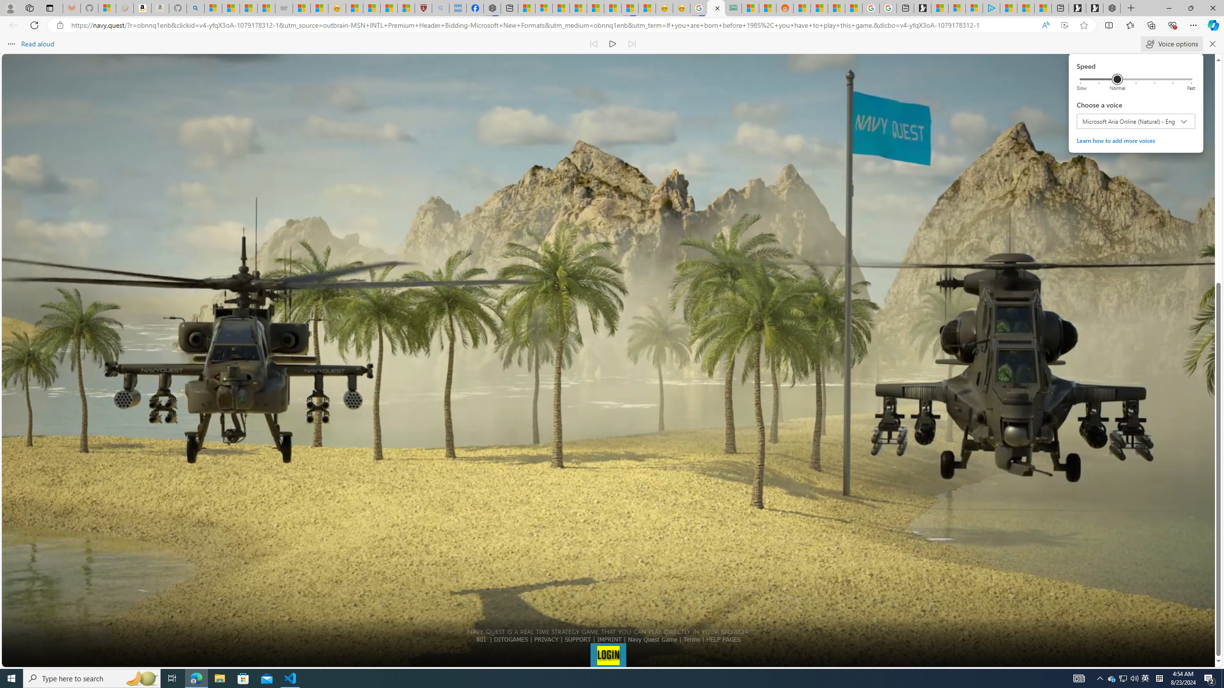 Image resolution: width=1224 pixels, height=688 pixels. Describe the element at coordinates (196, 677) in the screenshot. I see `'Microsoft Edge - 1 running window'` at that location.